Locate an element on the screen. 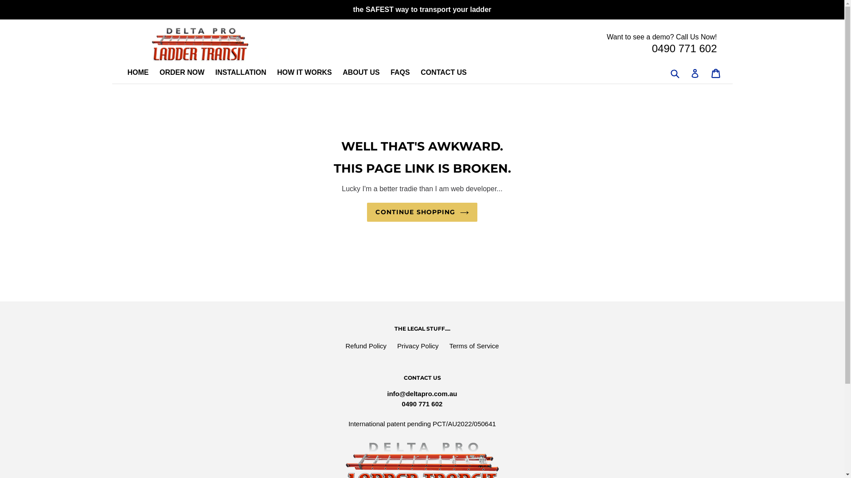 The width and height of the screenshot is (851, 478). 'Refund Policy' is located at coordinates (366, 345).